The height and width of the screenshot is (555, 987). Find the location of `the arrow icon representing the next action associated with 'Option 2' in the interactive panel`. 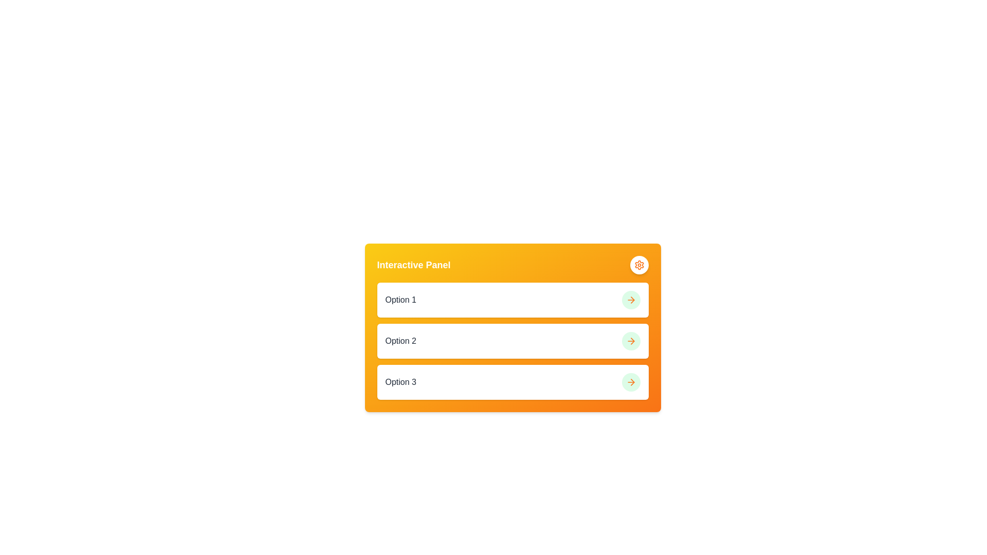

the arrow icon representing the next action associated with 'Option 2' in the interactive panel is located at coordinates (631, 341).